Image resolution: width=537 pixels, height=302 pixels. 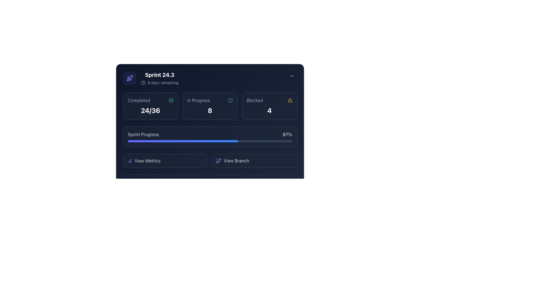 I want to click on the bold white numeral '4' displayed within the dark rectangular box labeled 'Blocked', which is centrally aligned and located near the warning symbol, so click(x=269, y=110).